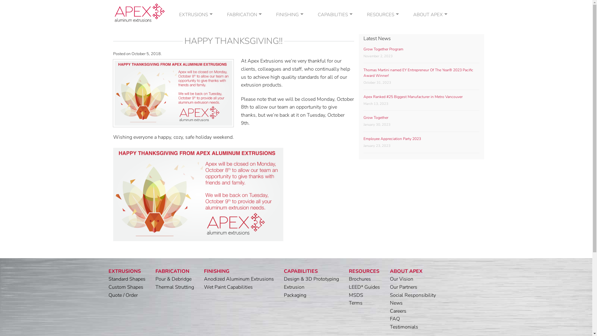 The width and height of the screenshot is (597, 336). What do you see at coordinates (362, 14) in the screenshot?
I see `'RESOURCES'` at bounding box center [362, 14].